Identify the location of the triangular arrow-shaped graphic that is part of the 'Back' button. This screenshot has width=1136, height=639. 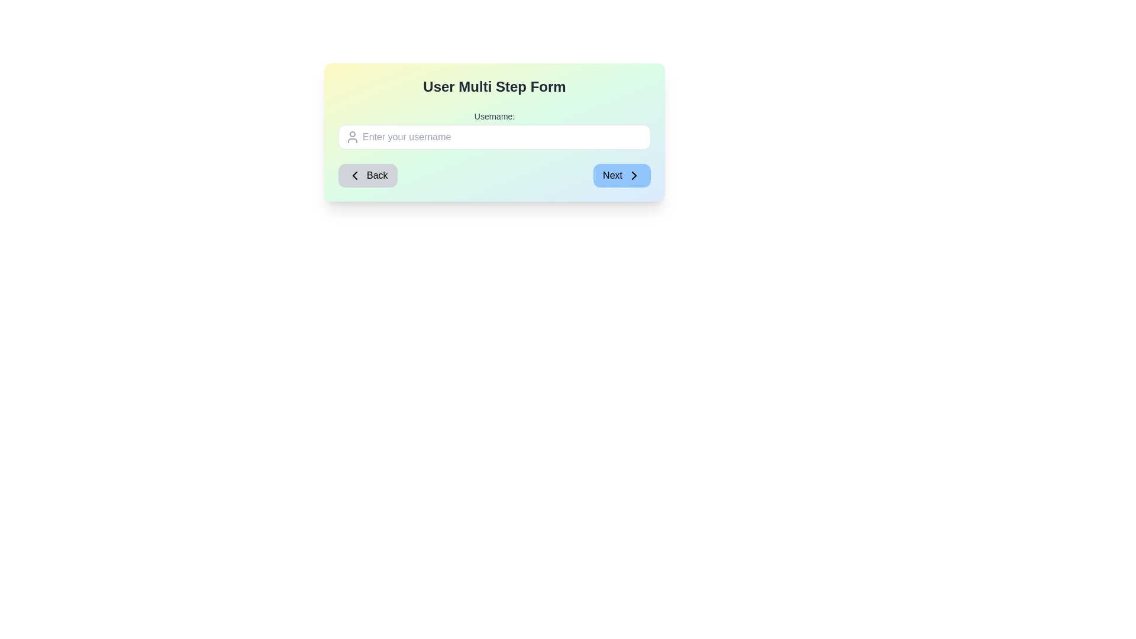
(354, 176).